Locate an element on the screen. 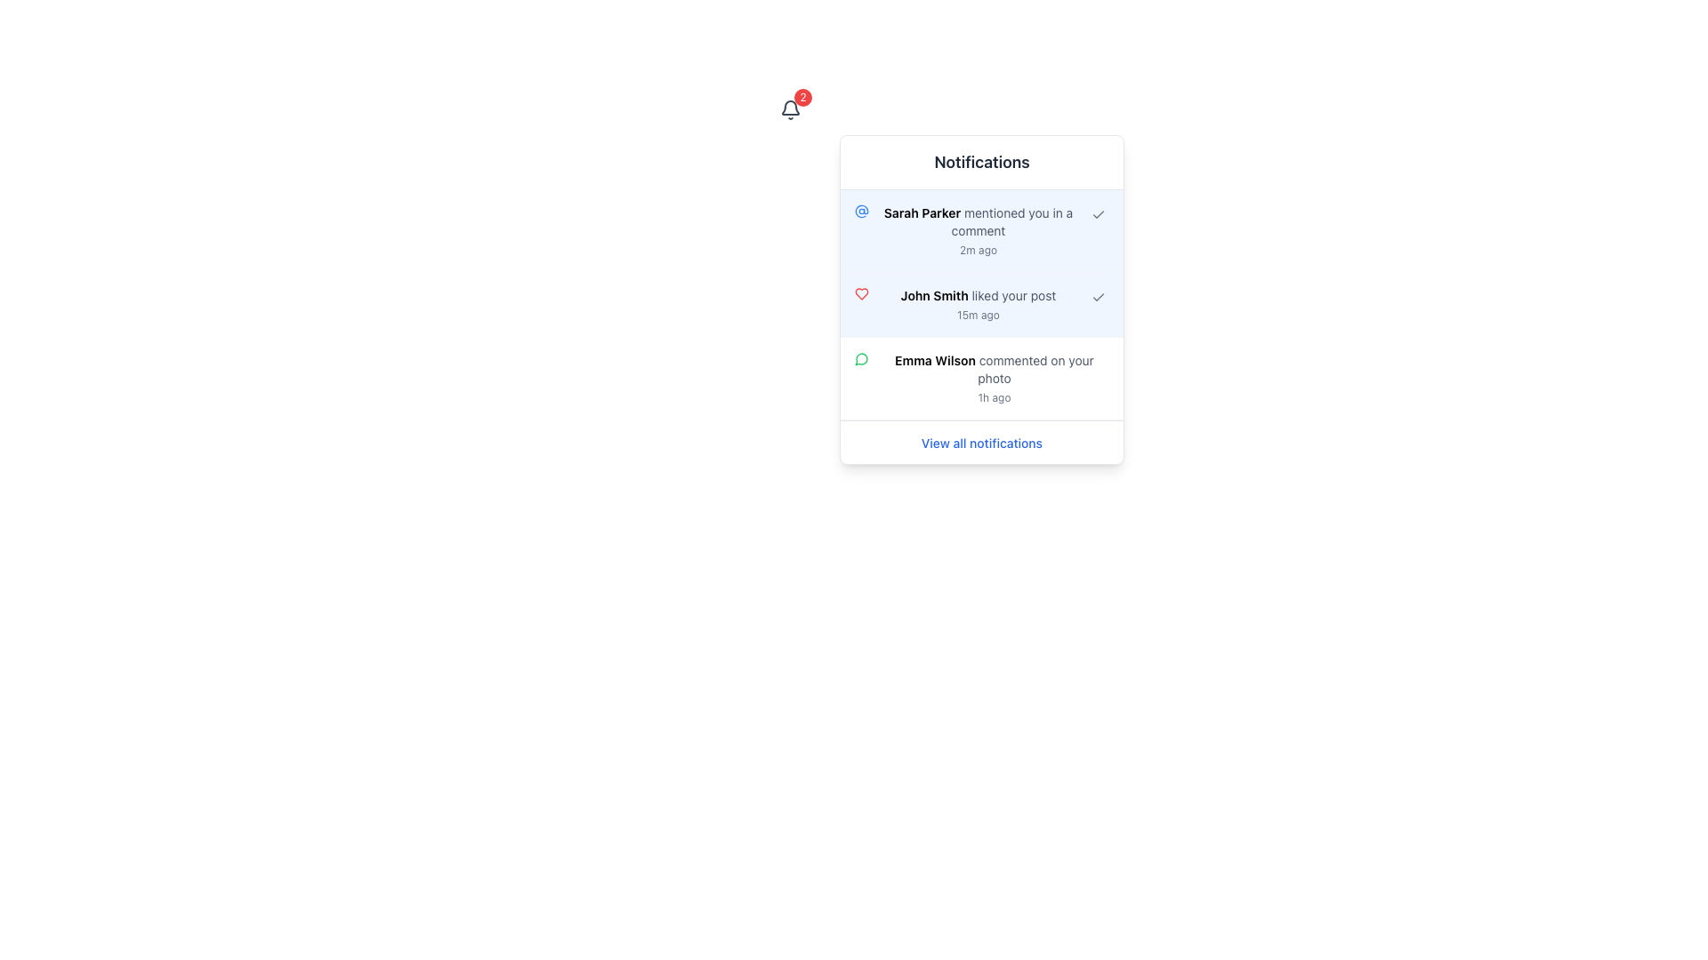 This screenshot has width=1708, height=960. the user name 'Sarah Parker' in the first notification entry under the 'Notifications' section, which is displayed in bold and positioned to the left of the text 'mentioned you in a comment' is located at coordinates (922, 212).